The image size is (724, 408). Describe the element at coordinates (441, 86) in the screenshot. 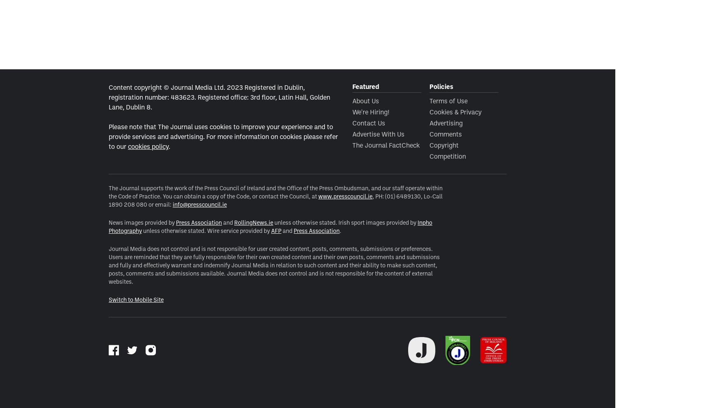

I see `'Policies'` at that location.